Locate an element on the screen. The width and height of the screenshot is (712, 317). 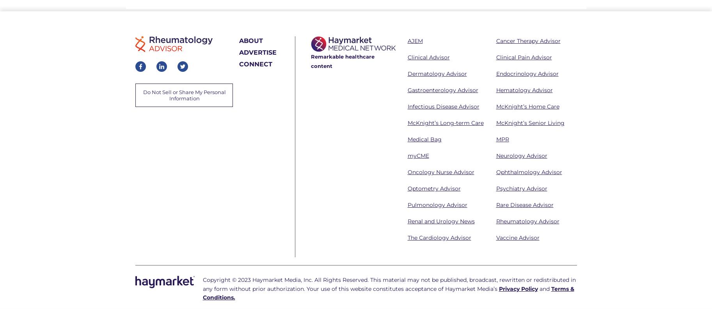
'CONNECT' is located at coordinates (255, 64).